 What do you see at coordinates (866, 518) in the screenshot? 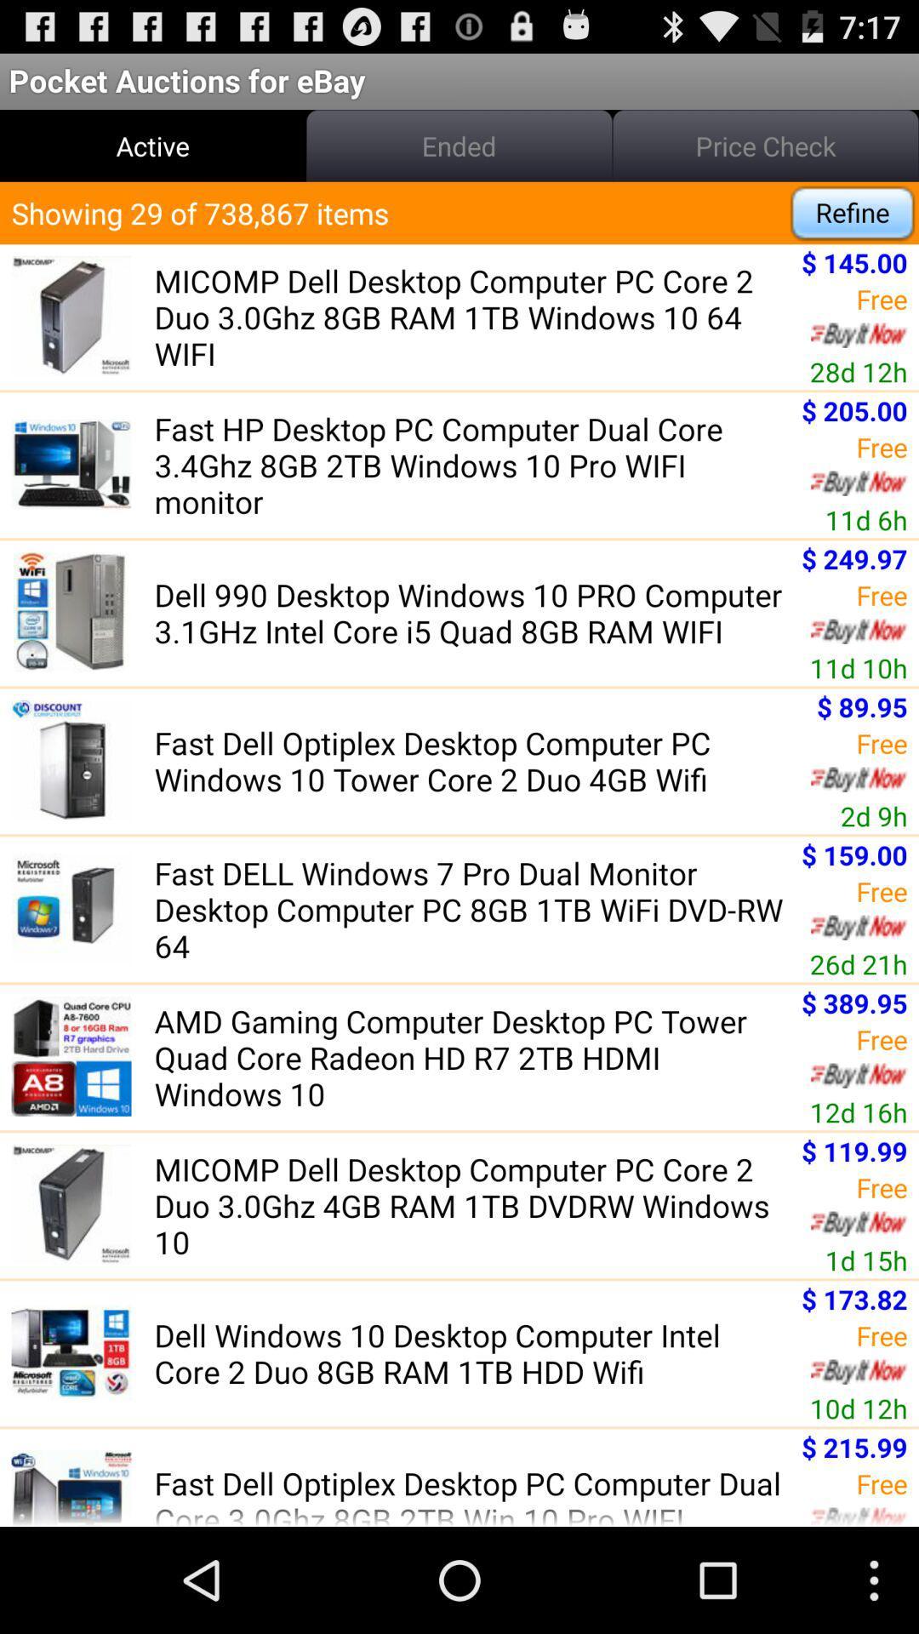
I see `the 11d 6h icon` at bounding box center [866, 518].